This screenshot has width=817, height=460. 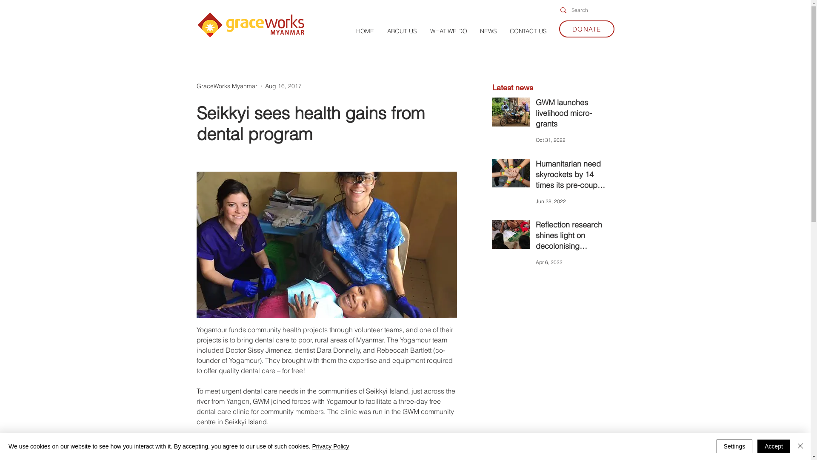 What do you see at coordinates (734, 446) in the screenshot?
I see `'Settings'` at bounding box center [734, 446].